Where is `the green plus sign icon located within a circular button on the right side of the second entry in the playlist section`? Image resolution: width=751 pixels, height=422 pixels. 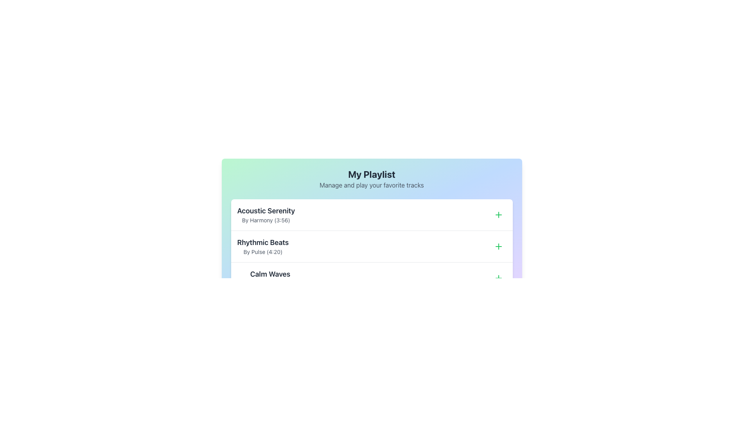 the green plus sign icon located within a circular button on the right side of the second entry in the playlist section is located at coordinates (498, 247).